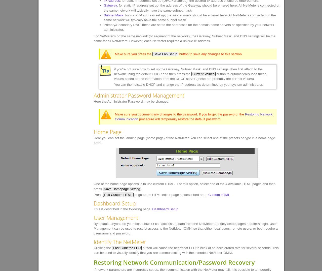 The image size is (322, 271). Describe the element at coordinates (138, 119) in the screenshot. I see `'procedure will temporarily restore the default password.'` at that location.